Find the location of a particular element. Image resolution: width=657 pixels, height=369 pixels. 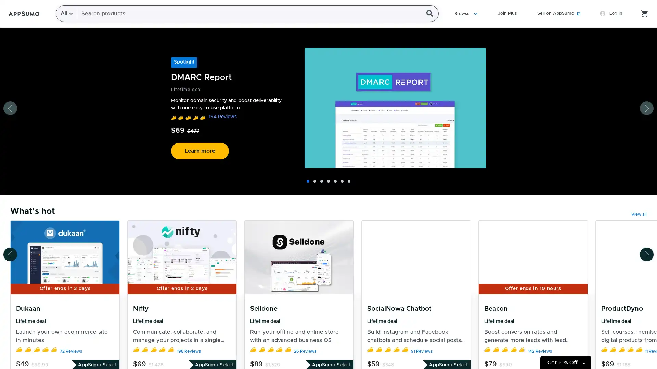

Close is located at coordinates (440, 49).